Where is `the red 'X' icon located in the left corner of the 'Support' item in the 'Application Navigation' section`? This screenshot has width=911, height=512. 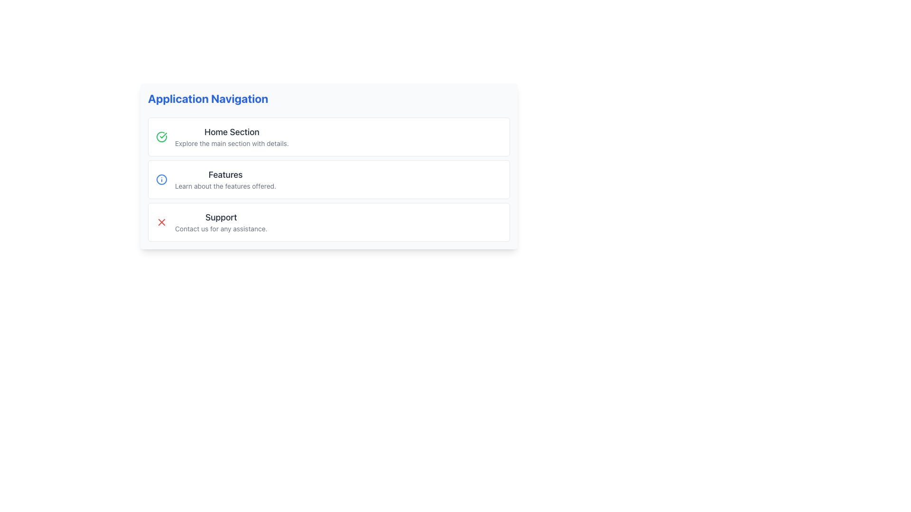 the red 'X' icon located in the left corner of the 'Support' item in the 'Application Navigation' section is located at coordinates (161, 222).